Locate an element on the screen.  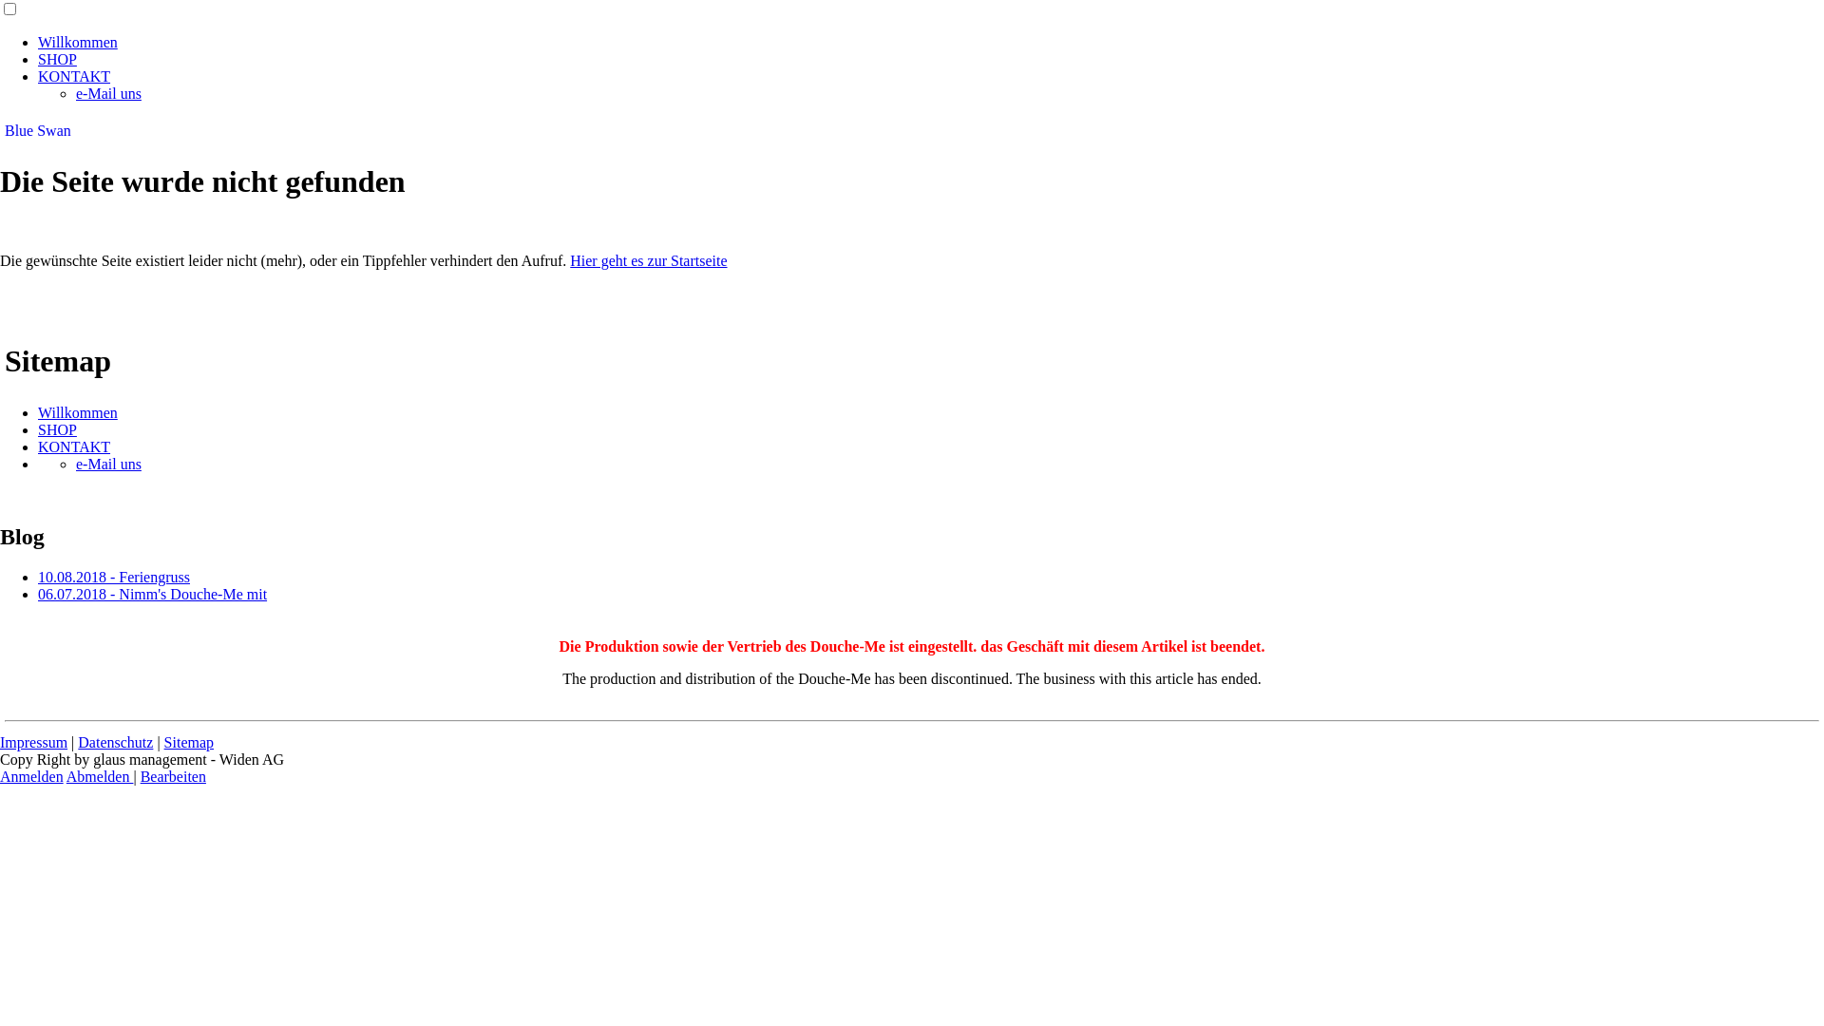
'Blue Swan' is located at coordinates (37, 129).